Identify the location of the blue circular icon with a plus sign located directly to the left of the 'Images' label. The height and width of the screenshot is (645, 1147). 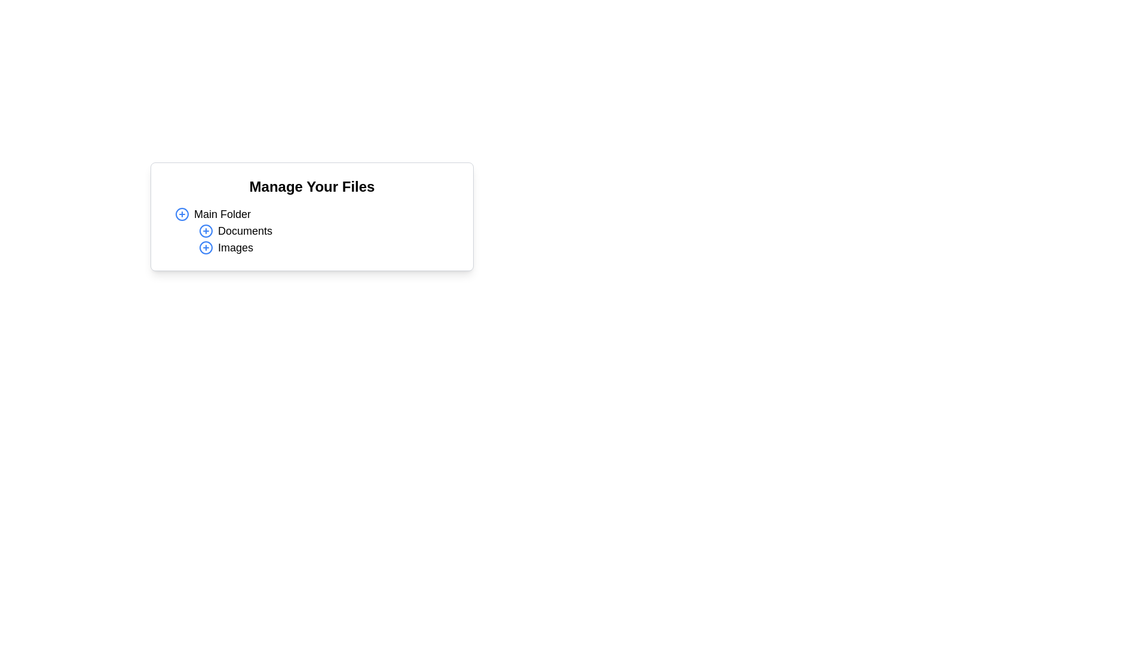
(206, 247).